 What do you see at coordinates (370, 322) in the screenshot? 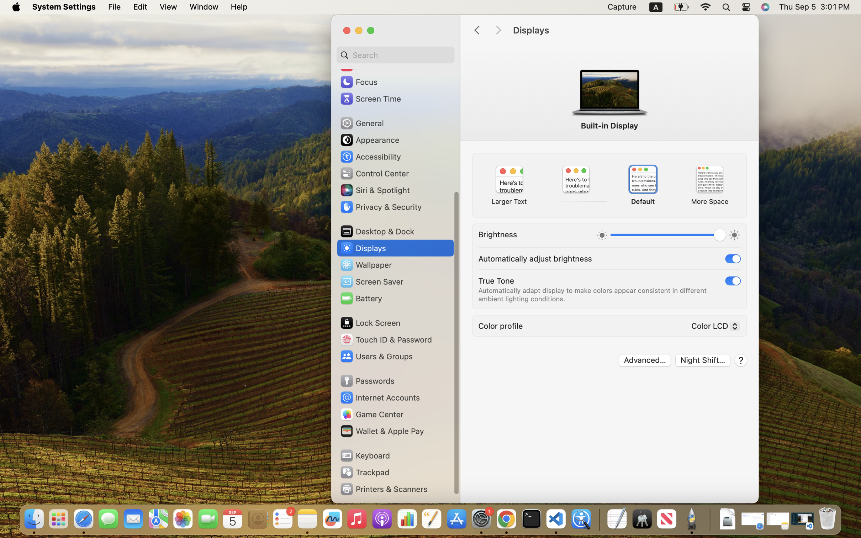
I see `'Lock Screen'` at bounding box center [370, 322].